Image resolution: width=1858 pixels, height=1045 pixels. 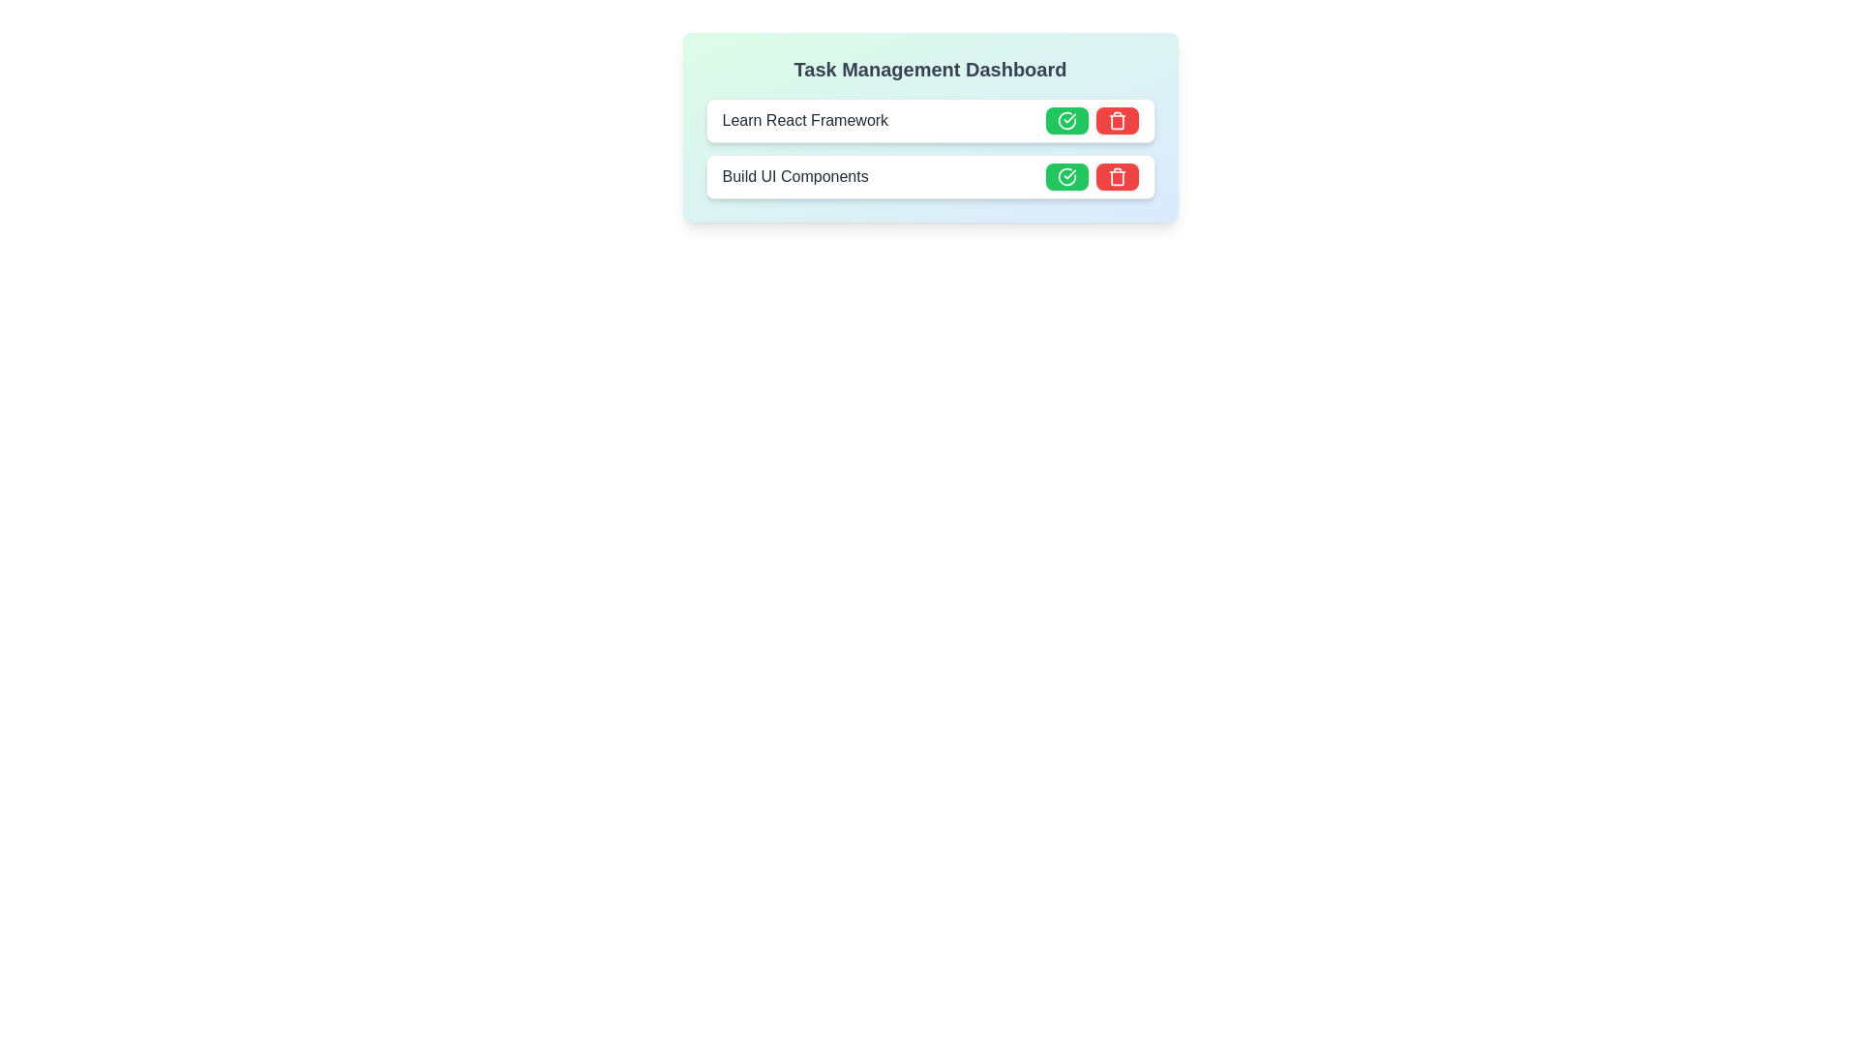 What do you see at coordinates (805, 120) in the screenshot?
I see `the Text Label that serves as the title of a specific task in the task management dashboard, located prominently at the left of the first task entry` at bounding box center [805, 120].